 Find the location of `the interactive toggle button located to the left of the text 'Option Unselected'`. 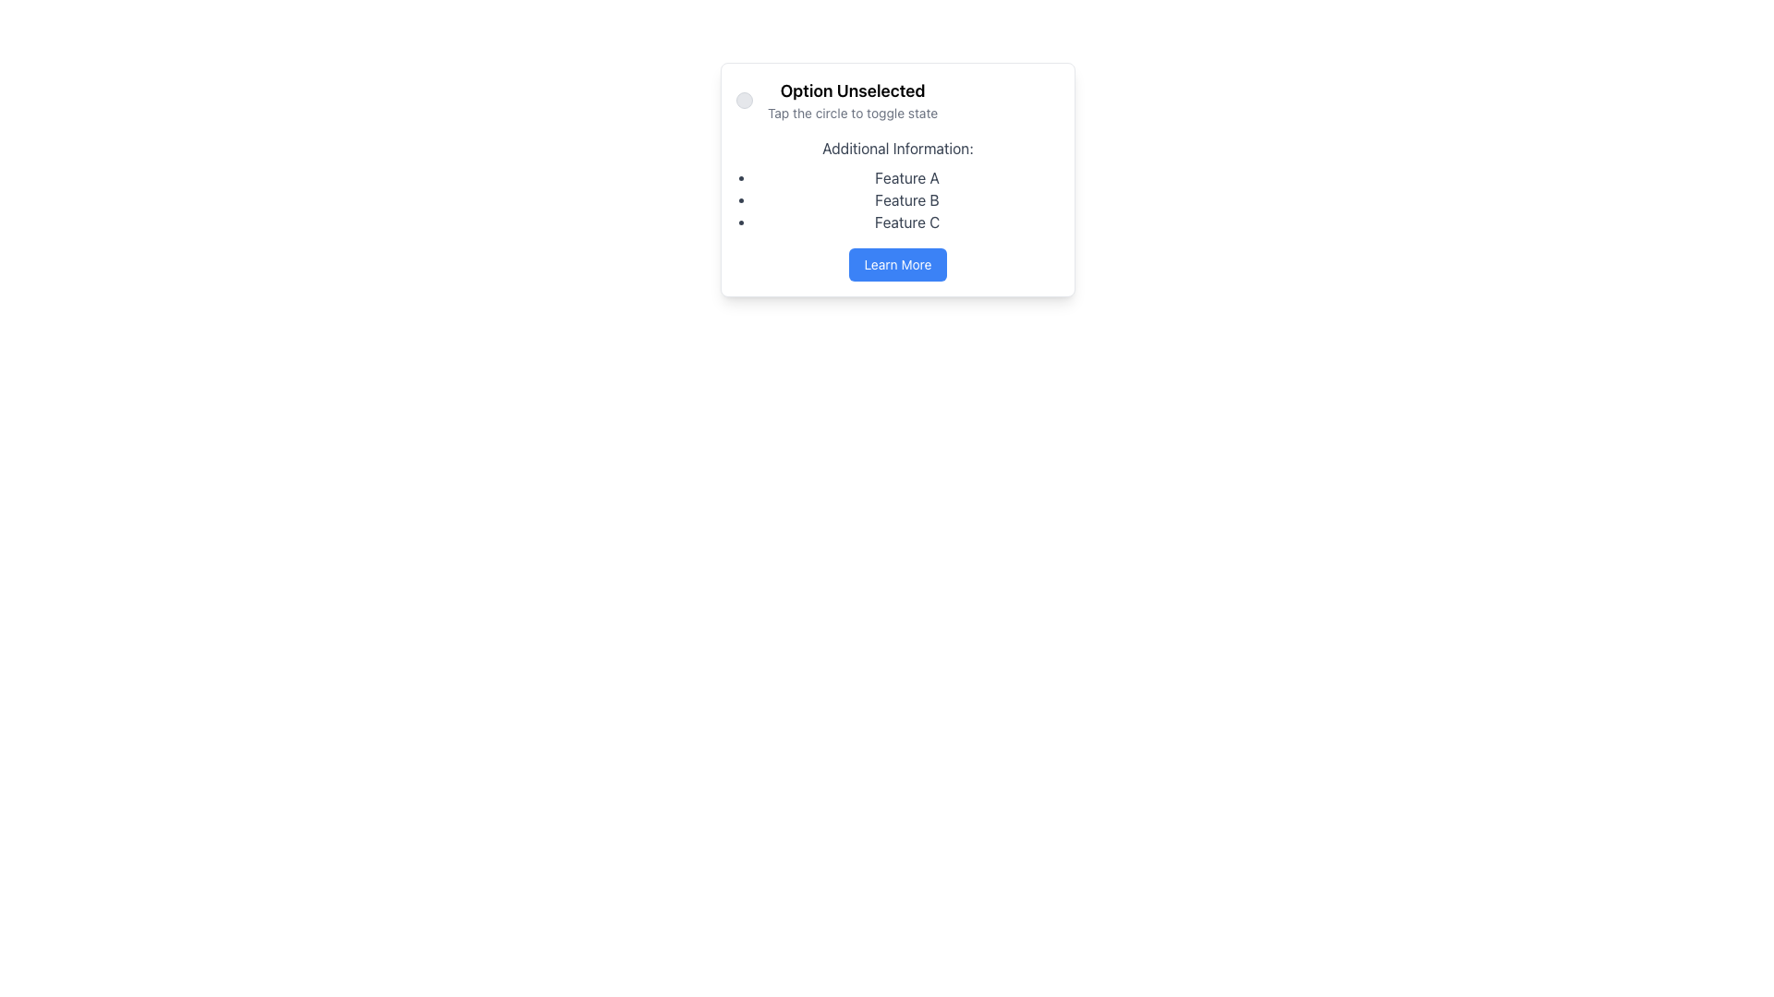

the interactive toggle button located to the left of the text 'Option Unselected' is located at coordinates (745, 100).